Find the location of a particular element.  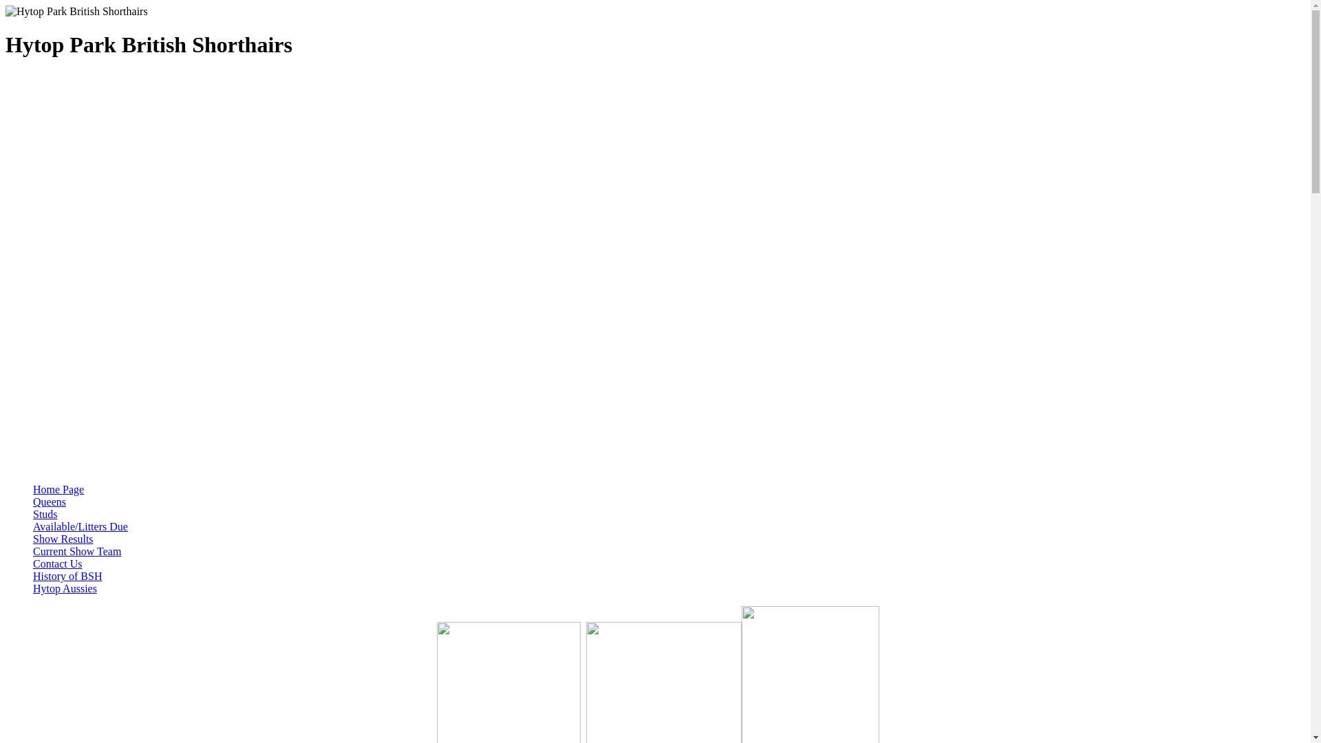

'Hytop Aussies' is located at coordinates (64, 588).